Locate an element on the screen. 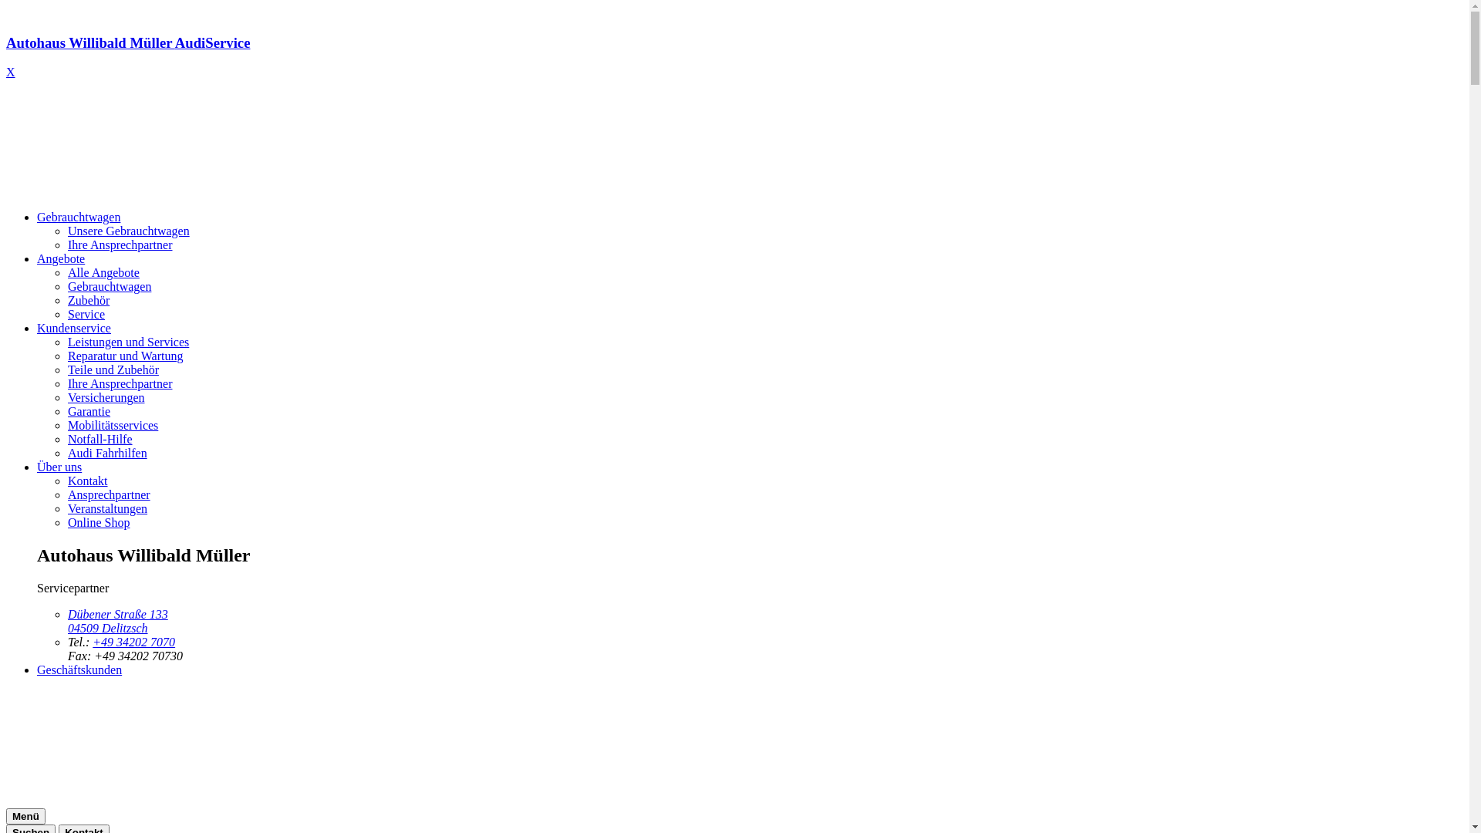 The image size is (1481, 833). 'Kontakt' is located at coordinates (66, 480).